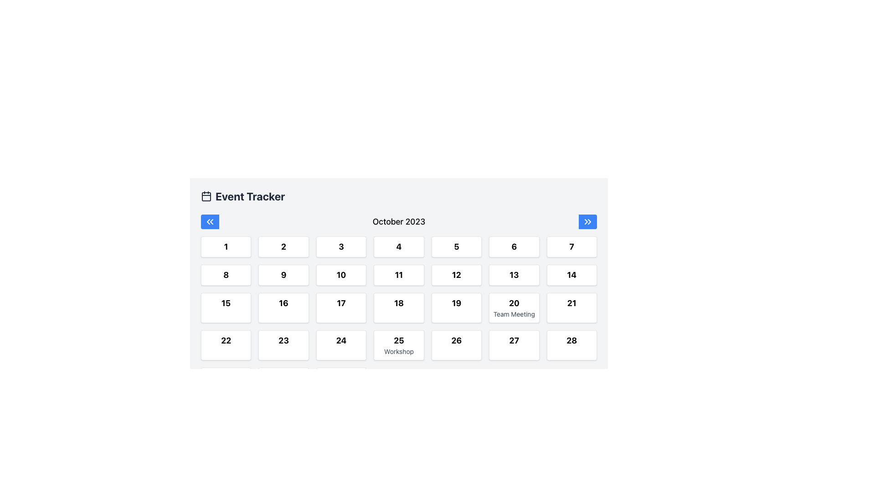 This screenshot has width=875, height=492. What do you see at coordinates (340, 247) in the screenshot?
I see `the third day entry in the calendar interface, which is positioned between the elements labeled '2' and '4' in the first row of the grid` at bounding box center [340, 247].